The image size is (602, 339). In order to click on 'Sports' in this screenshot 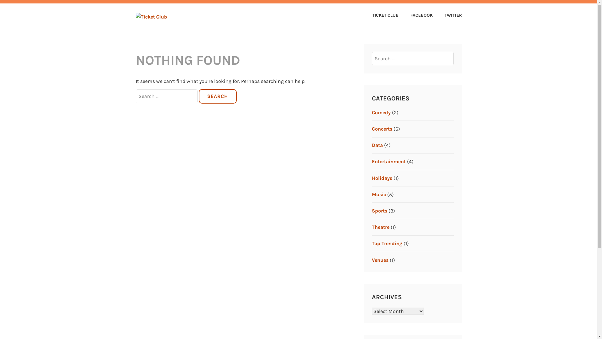, I will do `click(379, 211)`.